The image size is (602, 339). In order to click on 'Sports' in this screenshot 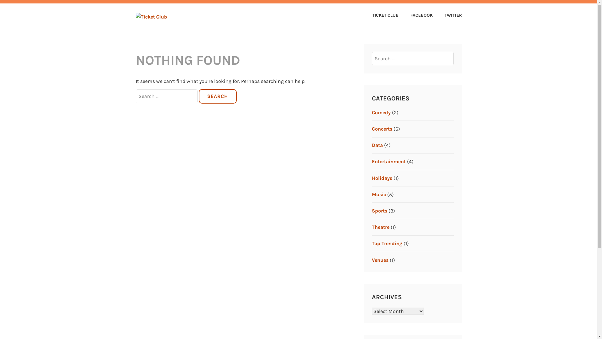, I will do `click(379, 211)`.